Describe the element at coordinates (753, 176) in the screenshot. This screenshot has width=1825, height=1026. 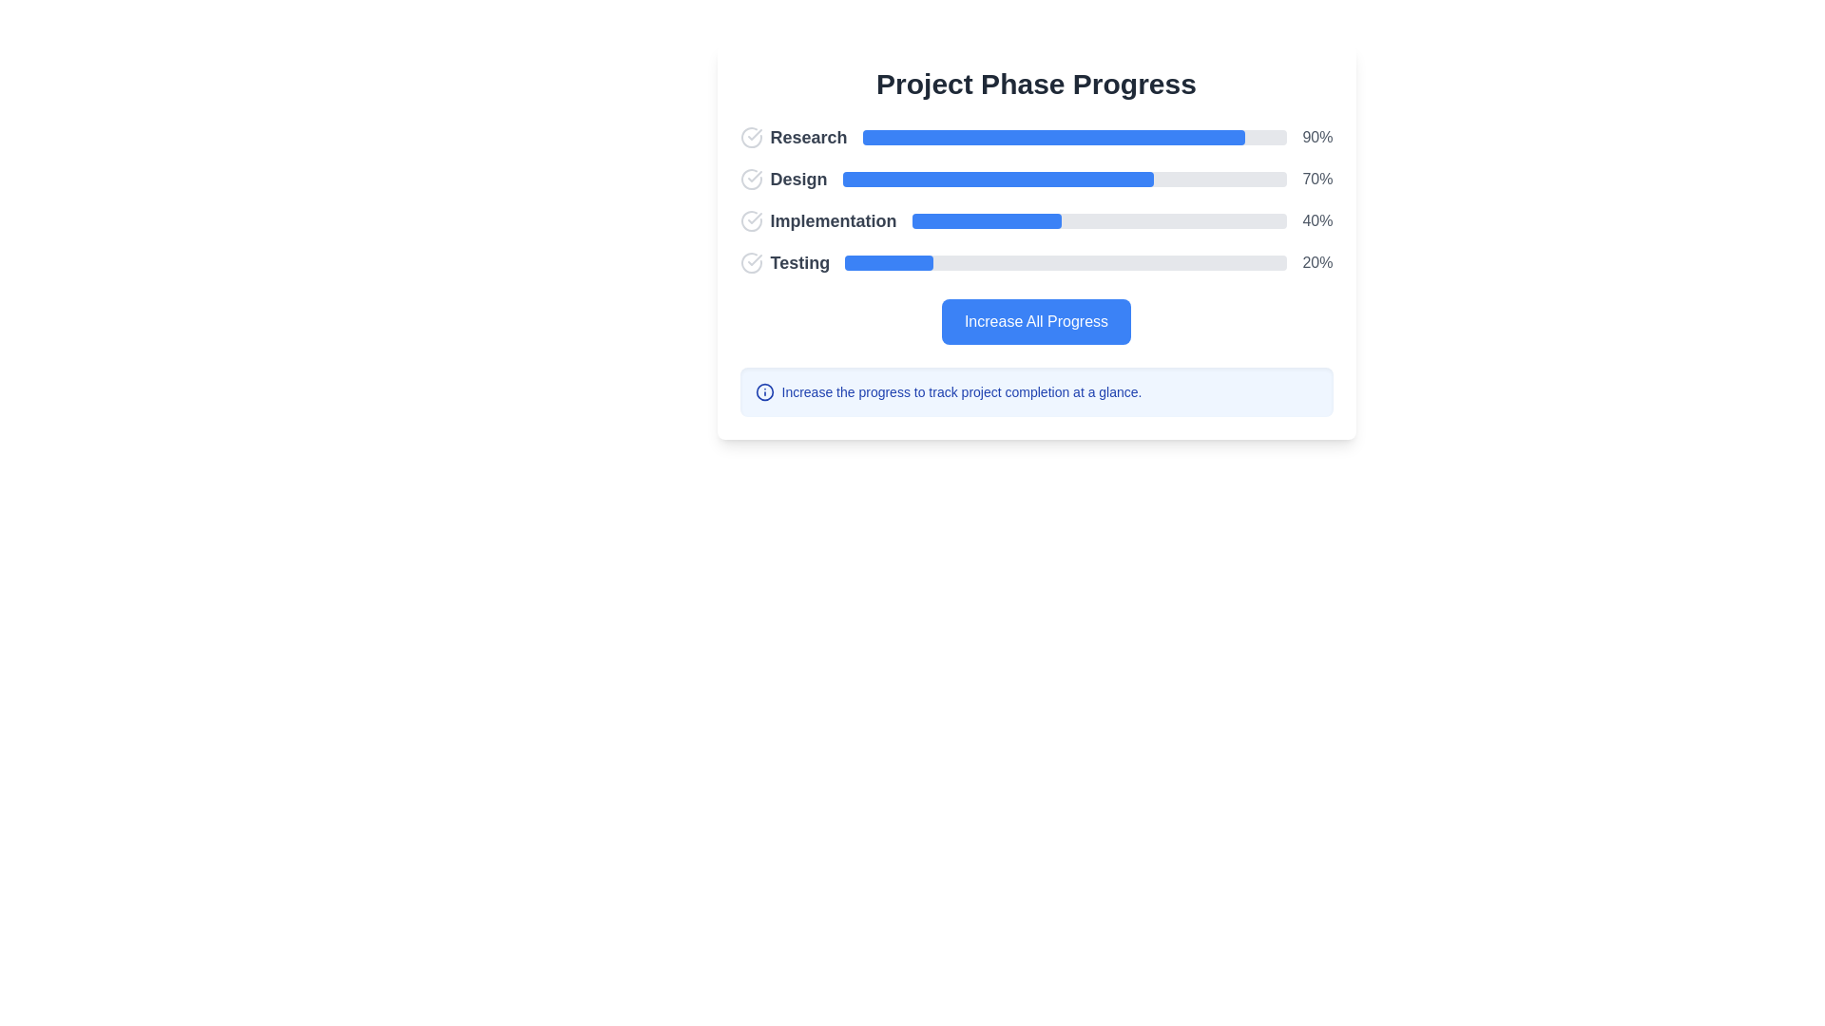
I see `the small check mark icon that indicates progress for the 'Design' phase` at that location.